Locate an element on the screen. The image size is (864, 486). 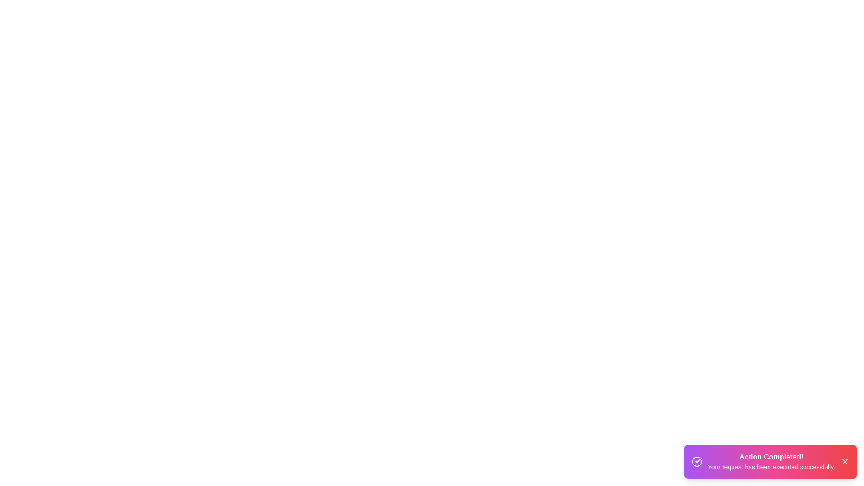
the status notification text display area located near the bottom right of the interface, which informs users about the successful execution of an action is located at coordinates (771, 462).